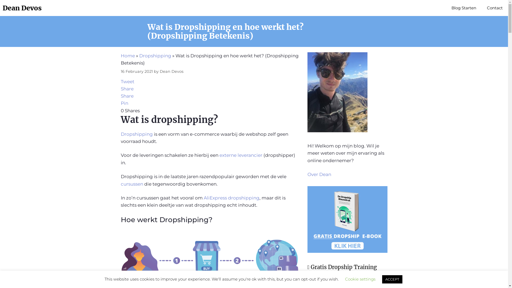 The image size is (512, 288). I want to click on 'Contact', so click(494, 8).